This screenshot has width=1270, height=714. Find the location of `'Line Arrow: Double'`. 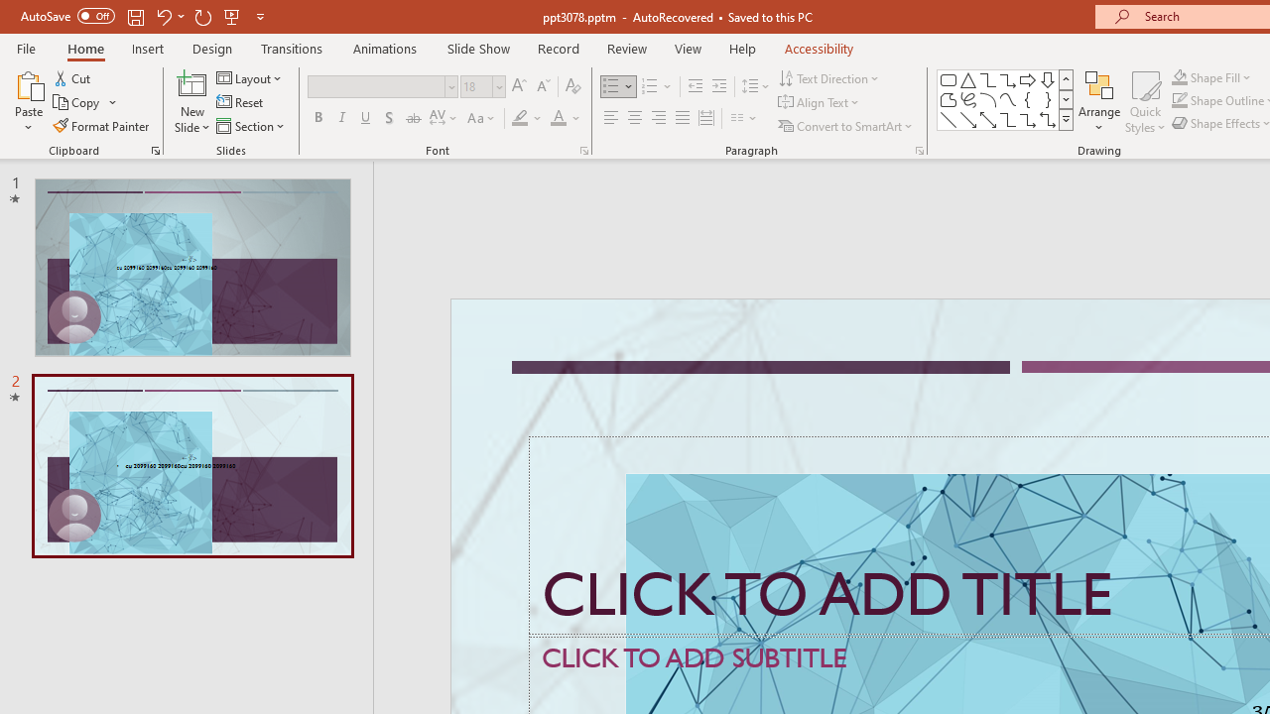

'Line Arrow: Double' is located at coordinates (987, 119).